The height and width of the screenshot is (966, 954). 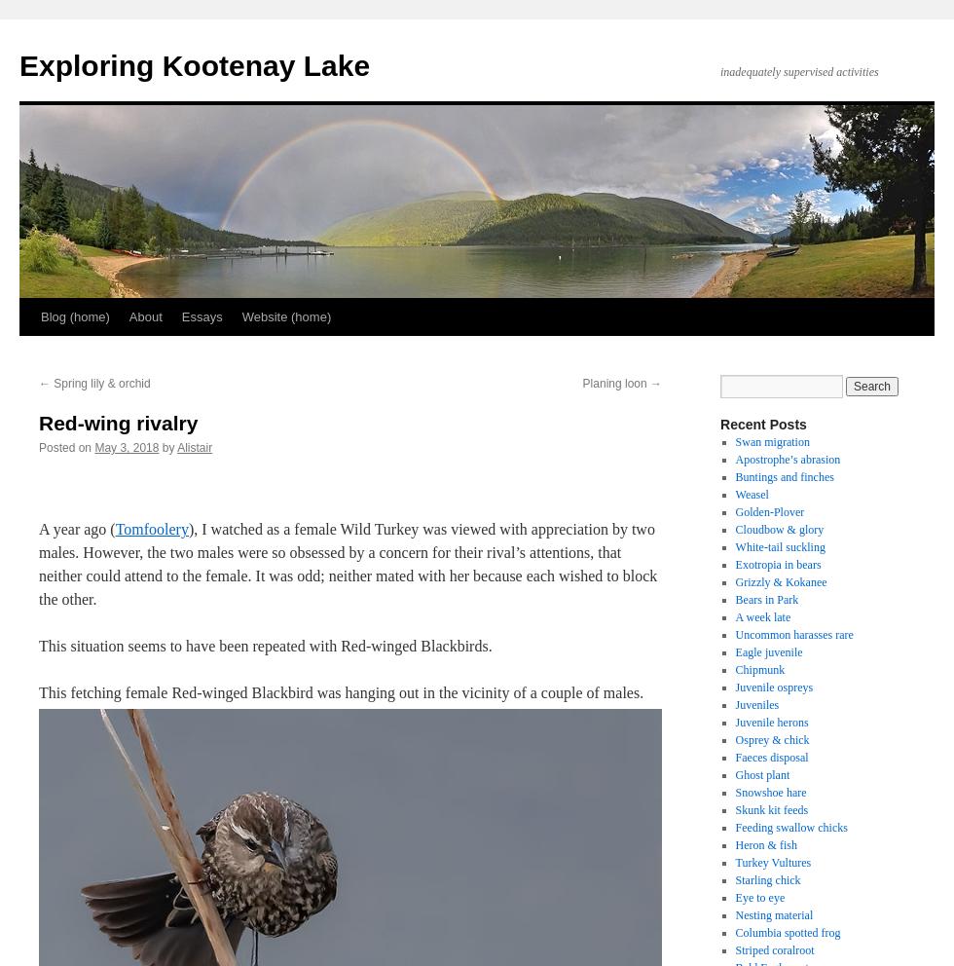 What do you see at coordinates (767, 880) in the screenshot?
I see `'Starling chick'` at bounding box center [767, 880].